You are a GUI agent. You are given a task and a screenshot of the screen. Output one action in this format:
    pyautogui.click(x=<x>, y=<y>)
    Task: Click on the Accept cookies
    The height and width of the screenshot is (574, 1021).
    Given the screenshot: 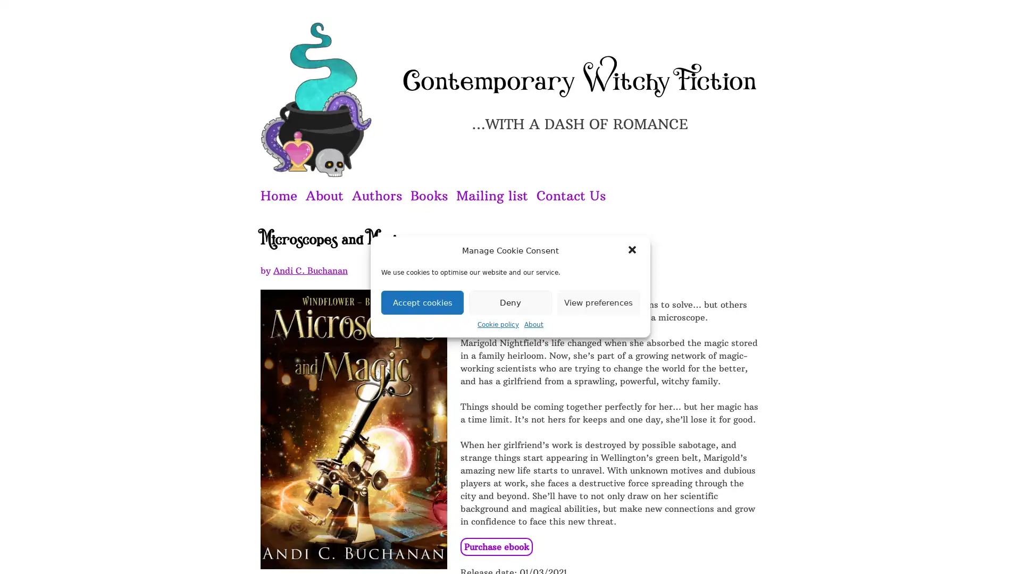 What is the action you would take?
    pyautogui.click(x=422, y=302)
    